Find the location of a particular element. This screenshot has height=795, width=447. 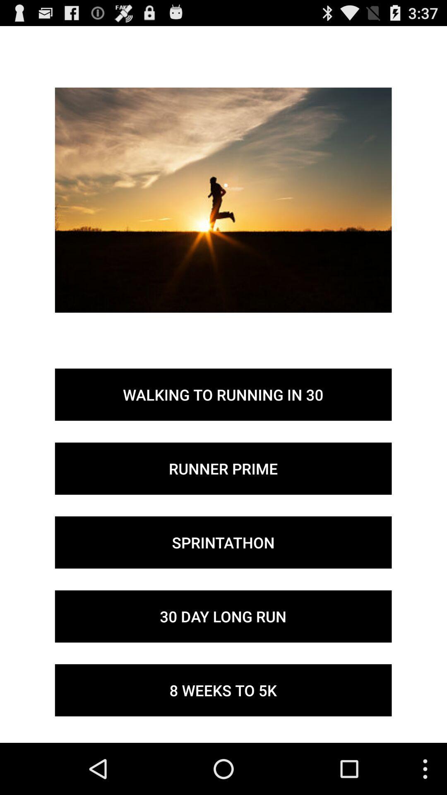

the icon above 30 day long icon is located at coordinates (223, 542).